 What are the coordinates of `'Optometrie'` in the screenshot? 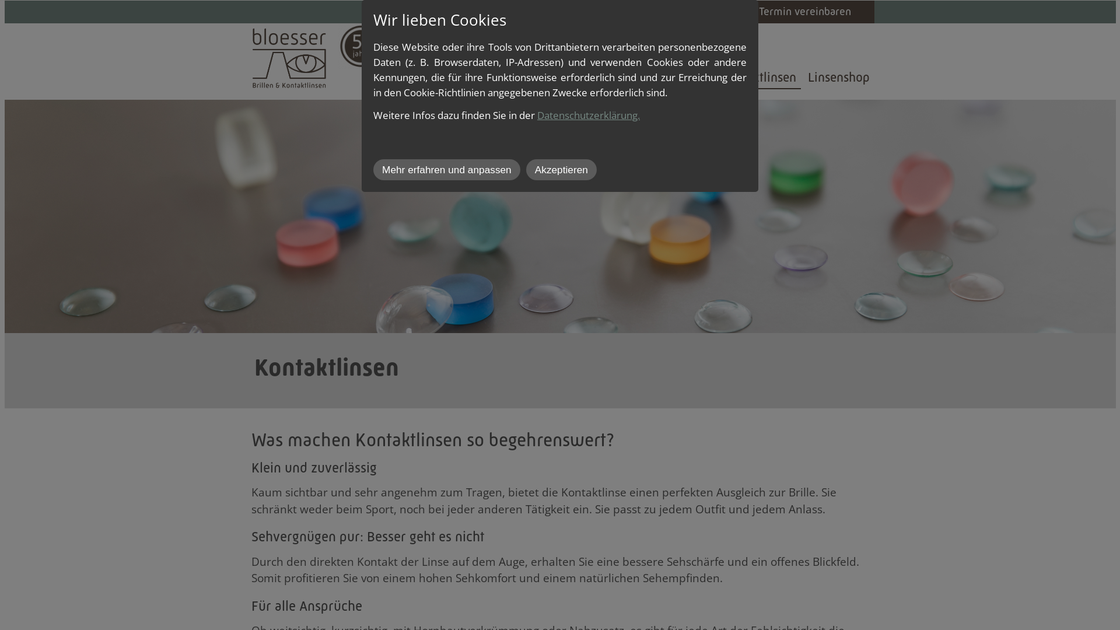 It's located at (594, 76).